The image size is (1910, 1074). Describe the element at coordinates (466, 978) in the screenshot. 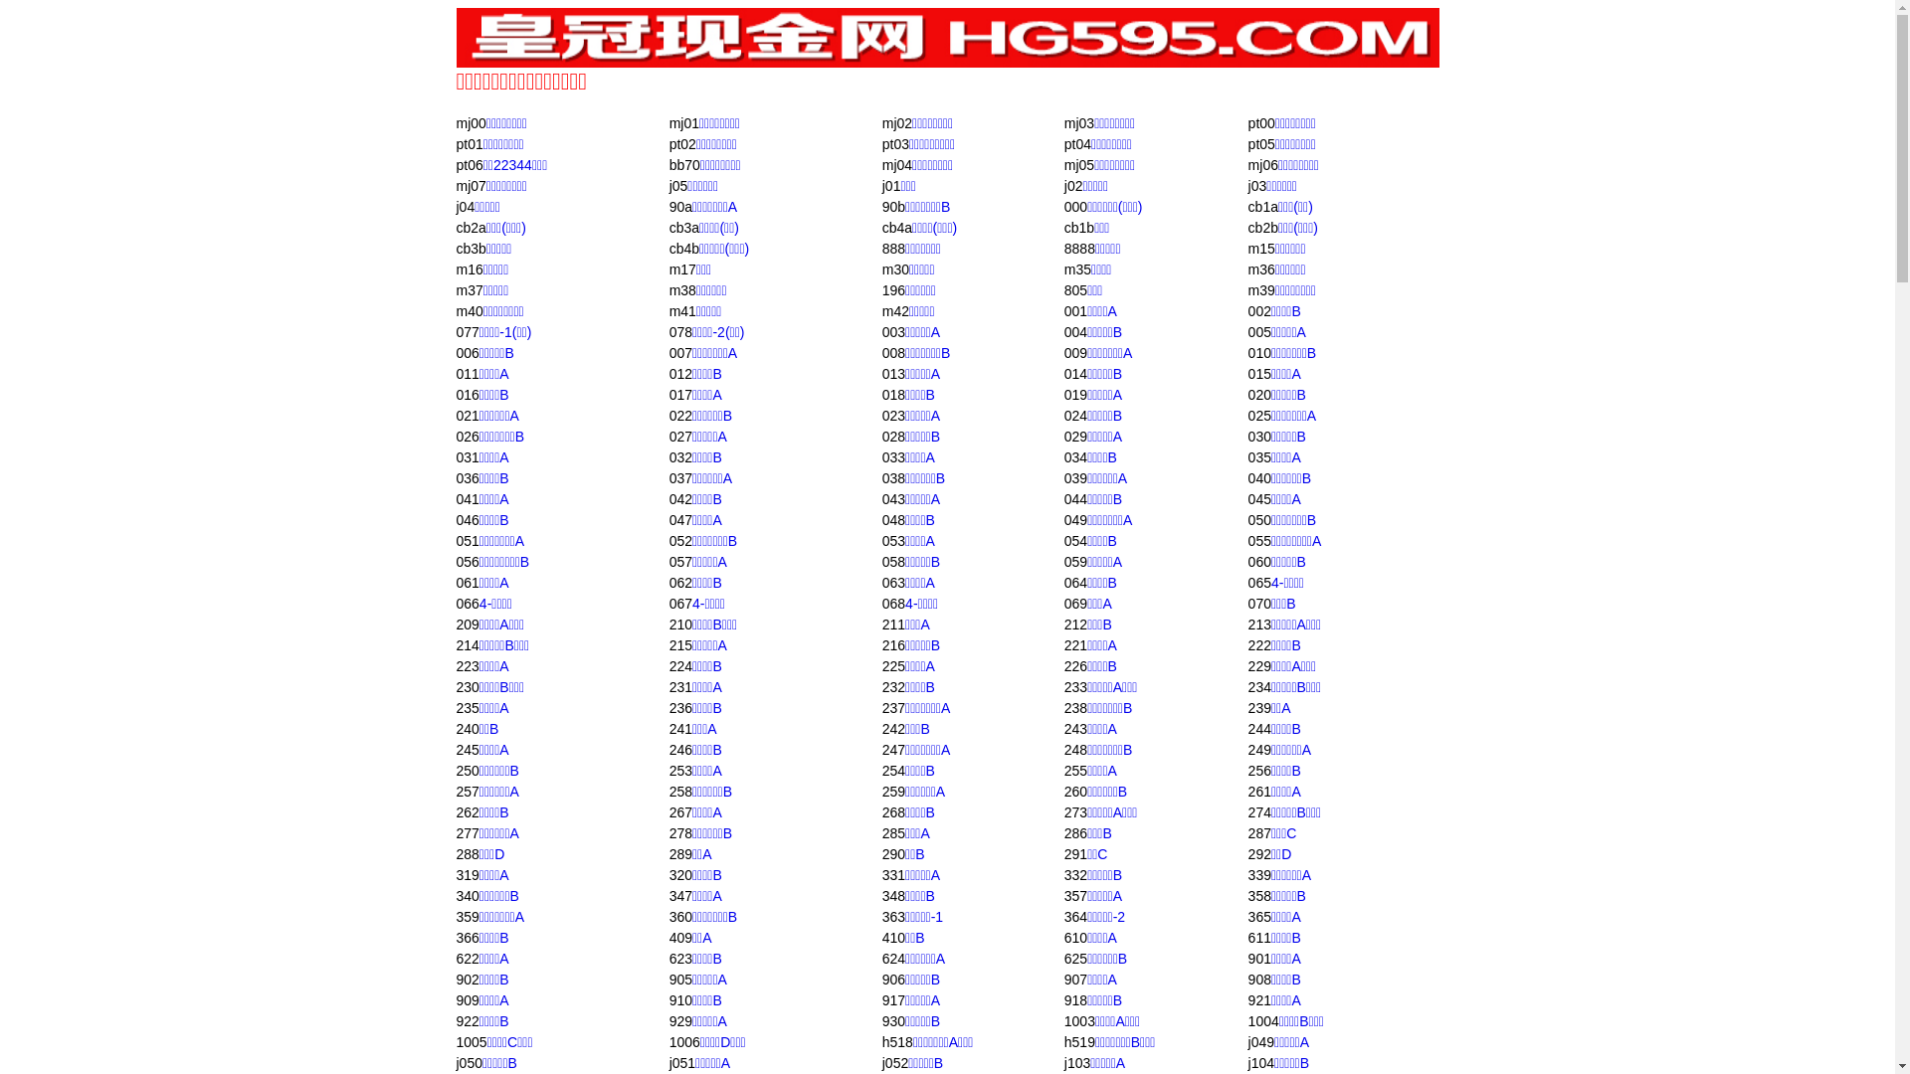

I see `'902'` at that location.